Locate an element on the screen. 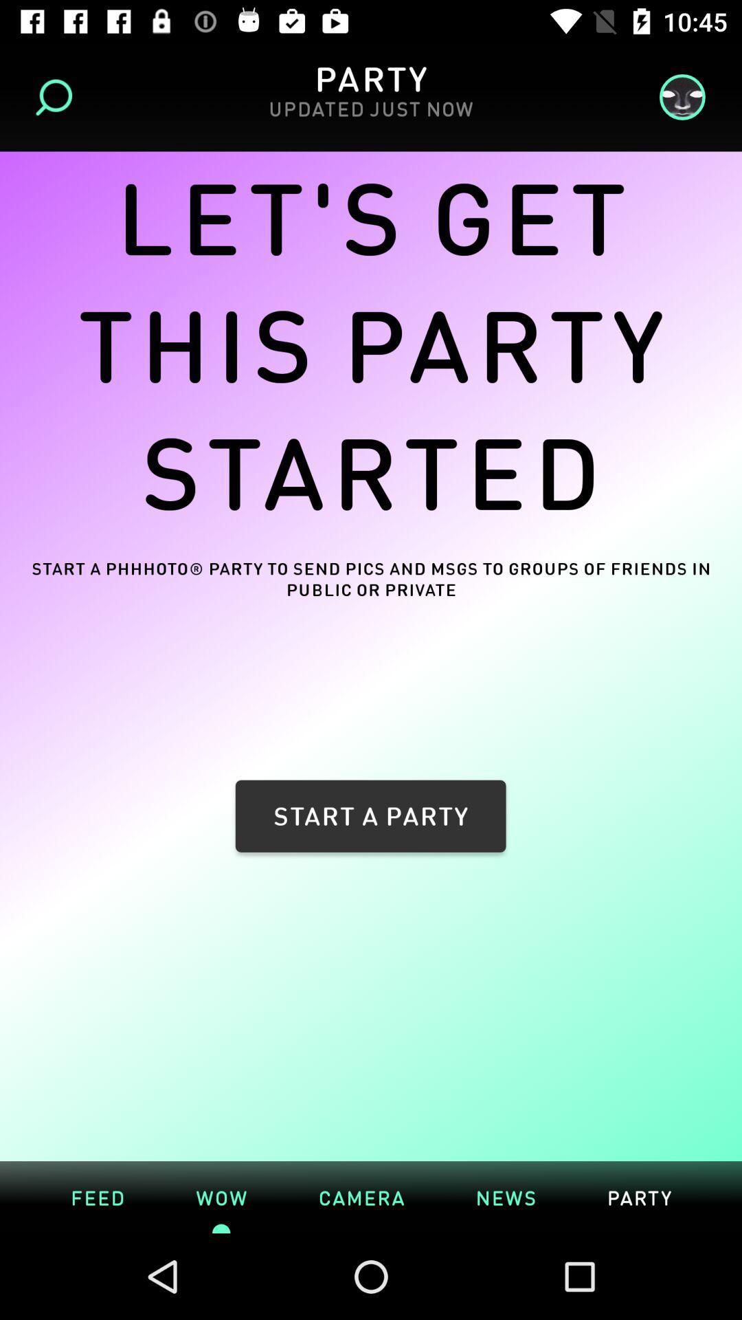  icon at the top left corner is located at coordinates (58, 96).